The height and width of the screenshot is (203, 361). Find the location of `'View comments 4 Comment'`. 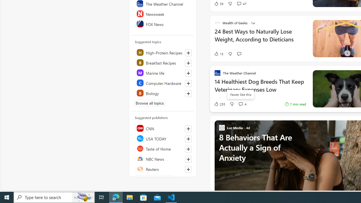

'View comments 4 Comment' is located at coordinates (241, 104).